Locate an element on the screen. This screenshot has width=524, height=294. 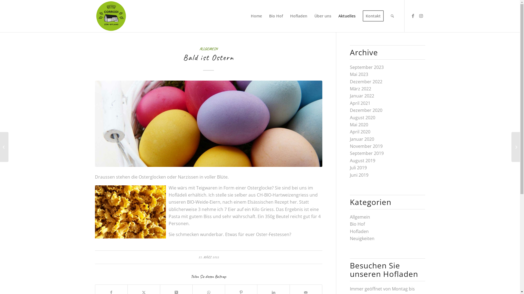
'Januar 2020' is located at coordinates (362, 139).